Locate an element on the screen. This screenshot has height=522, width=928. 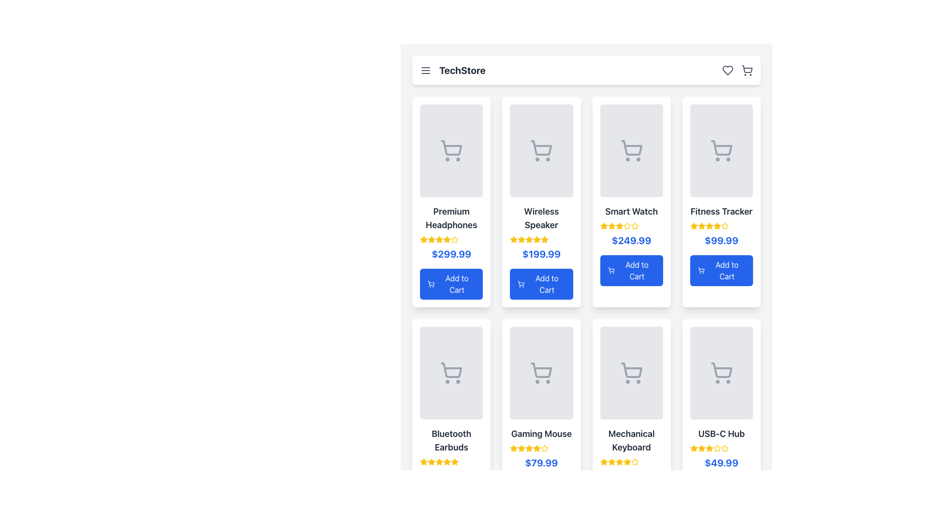
second star icon in the rating component, which is visually represented with a yellow fill and a black stroke, located below the product image for 'Wireless Speaker' is located at coordinates (521, 239).